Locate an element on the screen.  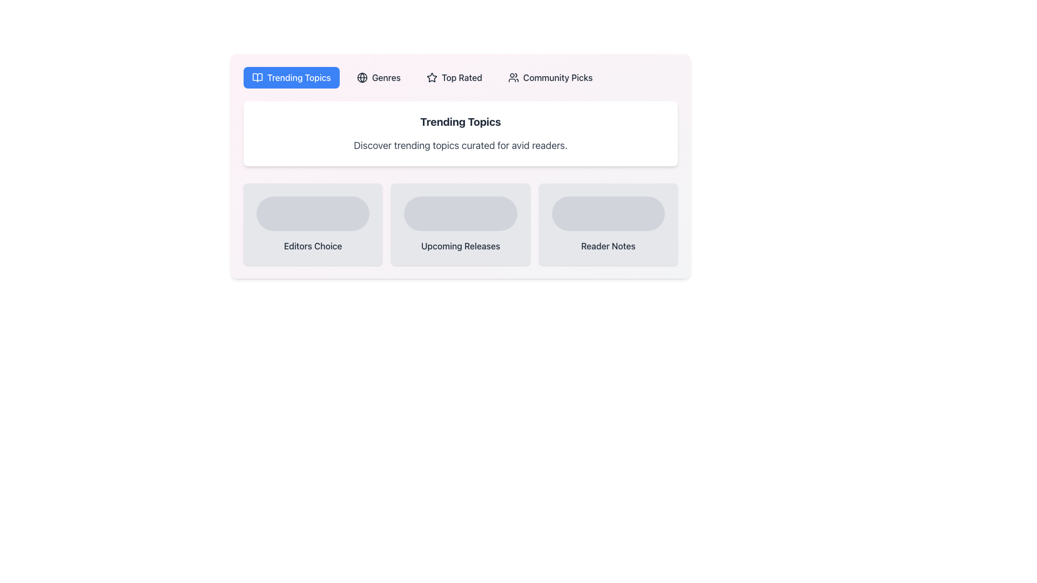
the static text element that describes 'Reader Notes', located in the lower-right section of the interface, below a rounded rectangle visual element is located at coordinates (608, 246).